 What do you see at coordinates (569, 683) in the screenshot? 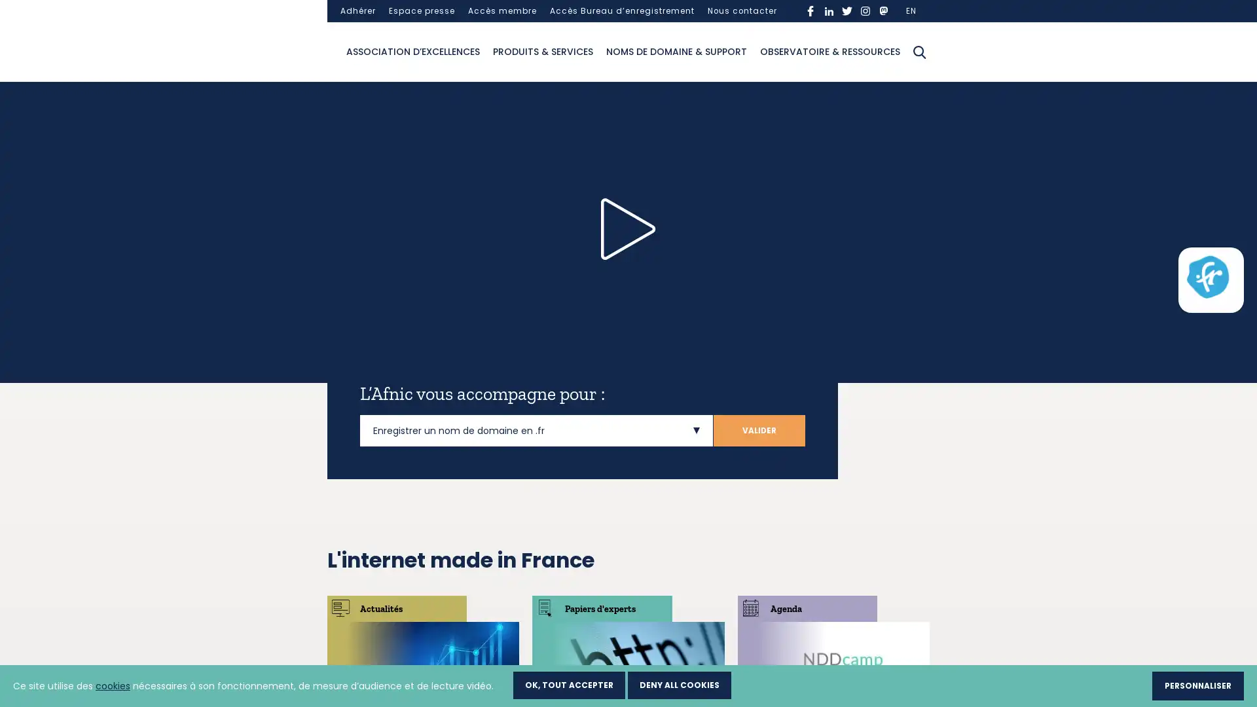
I see `OK, TOUT ACCEPTER` at bounding box center [569, 683].